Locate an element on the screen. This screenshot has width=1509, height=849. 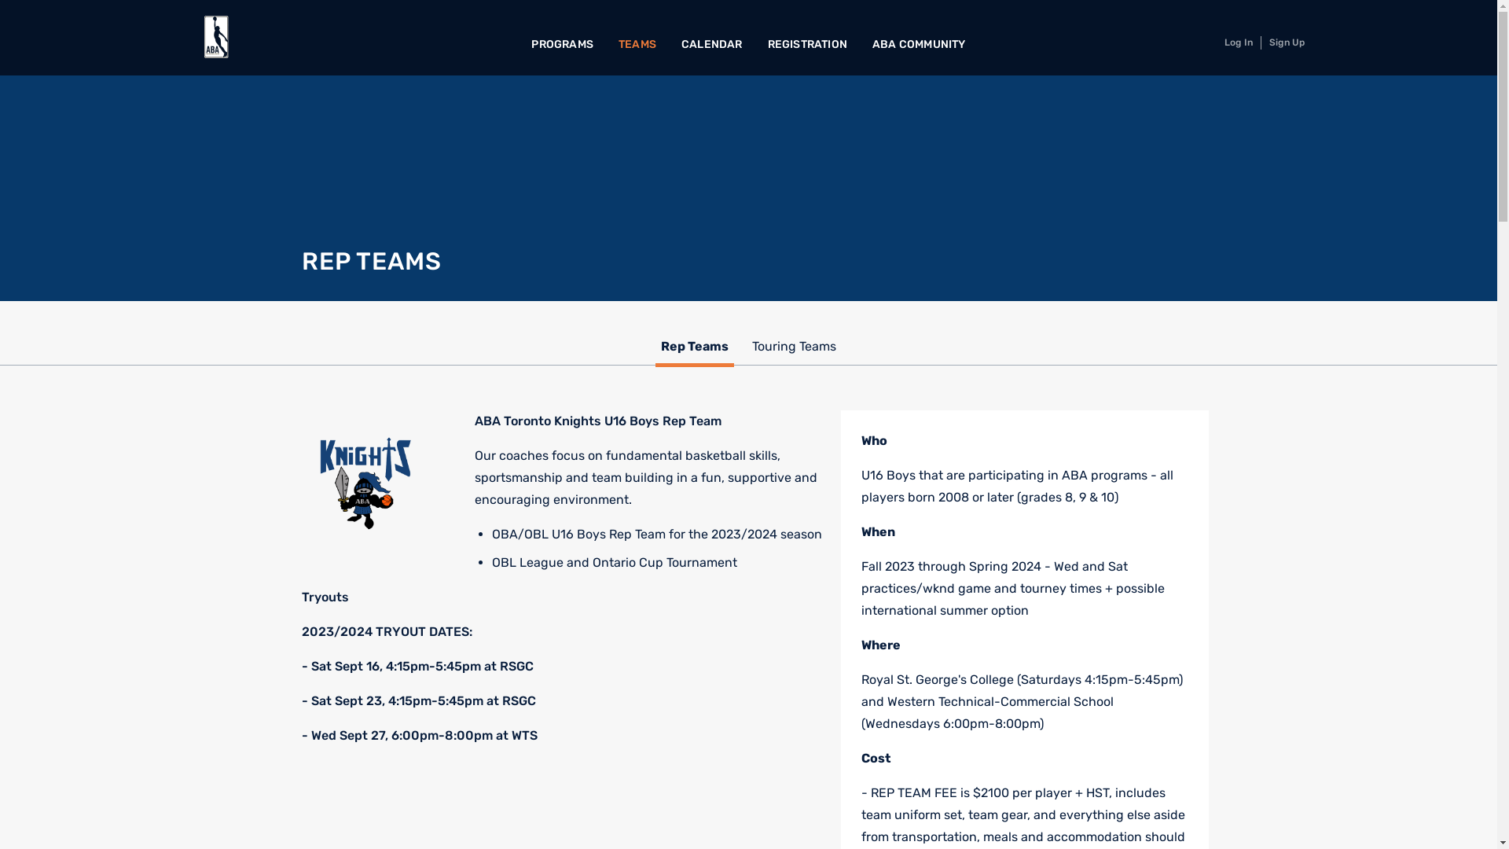
'ABA COMMUNITY' is located at coordinates (919, 44).